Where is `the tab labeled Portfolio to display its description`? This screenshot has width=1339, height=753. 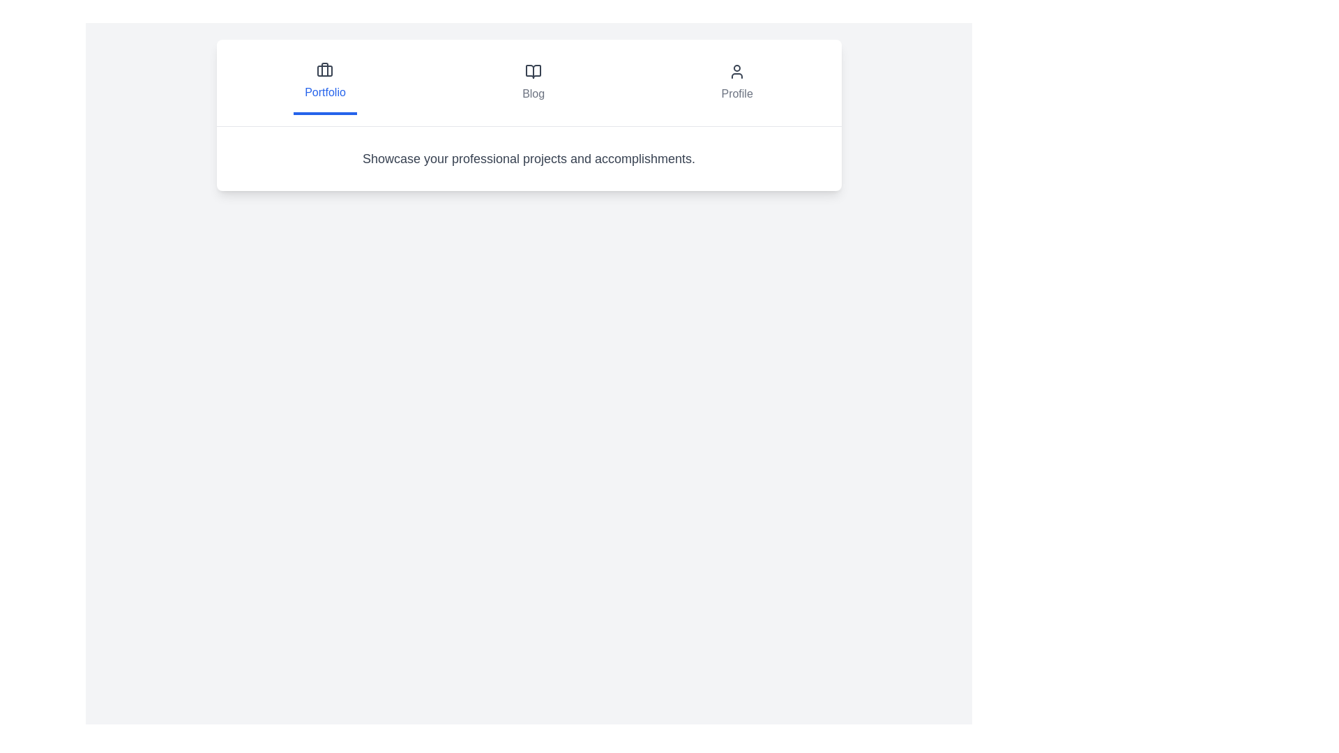
the tab labeled Portfolio to display its description is located at coordinates (324, 83).